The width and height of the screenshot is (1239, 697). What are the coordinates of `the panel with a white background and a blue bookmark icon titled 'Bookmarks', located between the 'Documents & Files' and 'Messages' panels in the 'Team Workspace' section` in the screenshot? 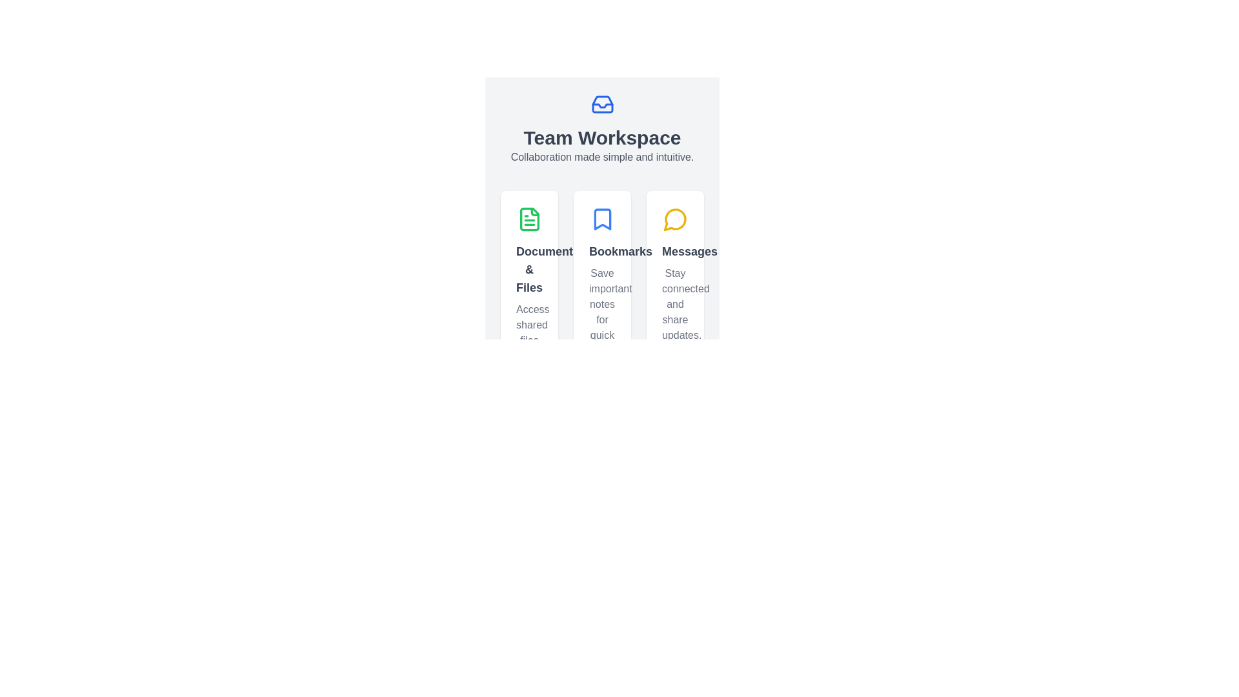 It's located at (601, 316).